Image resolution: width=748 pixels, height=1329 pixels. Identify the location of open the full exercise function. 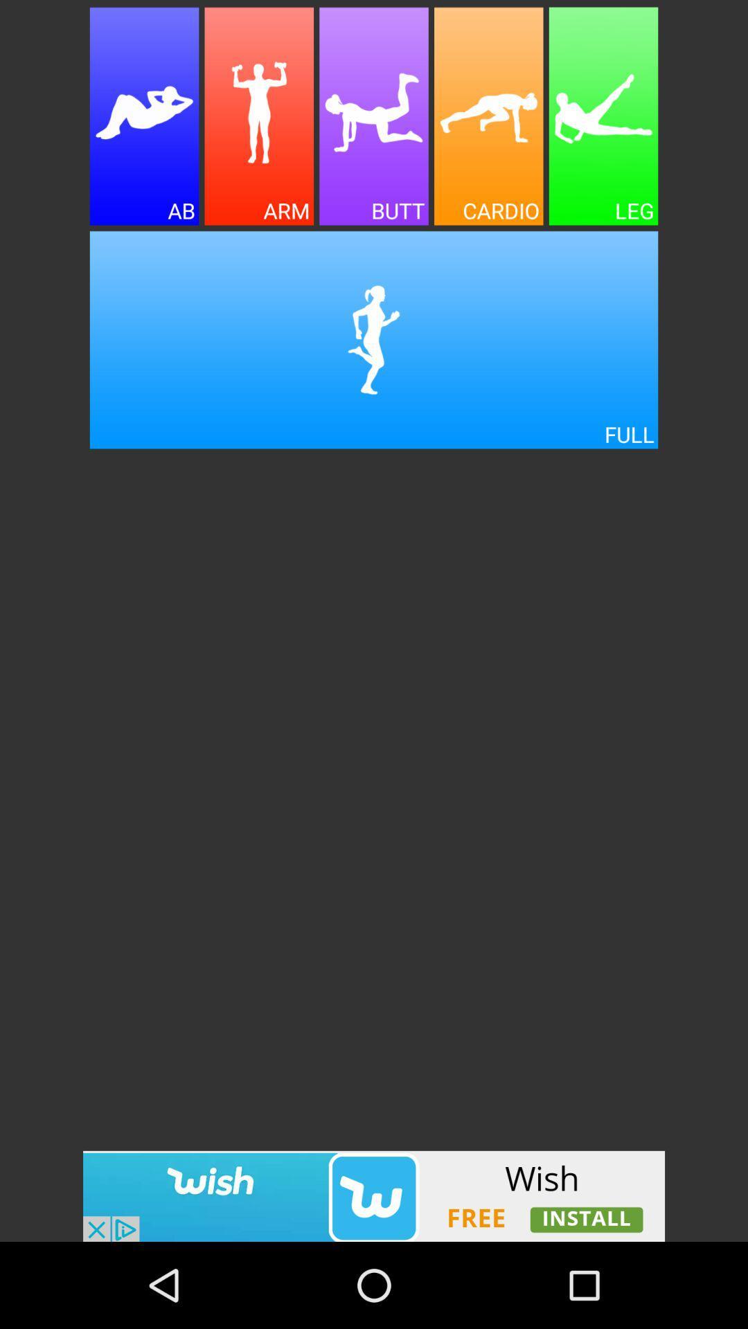
(374, 340).